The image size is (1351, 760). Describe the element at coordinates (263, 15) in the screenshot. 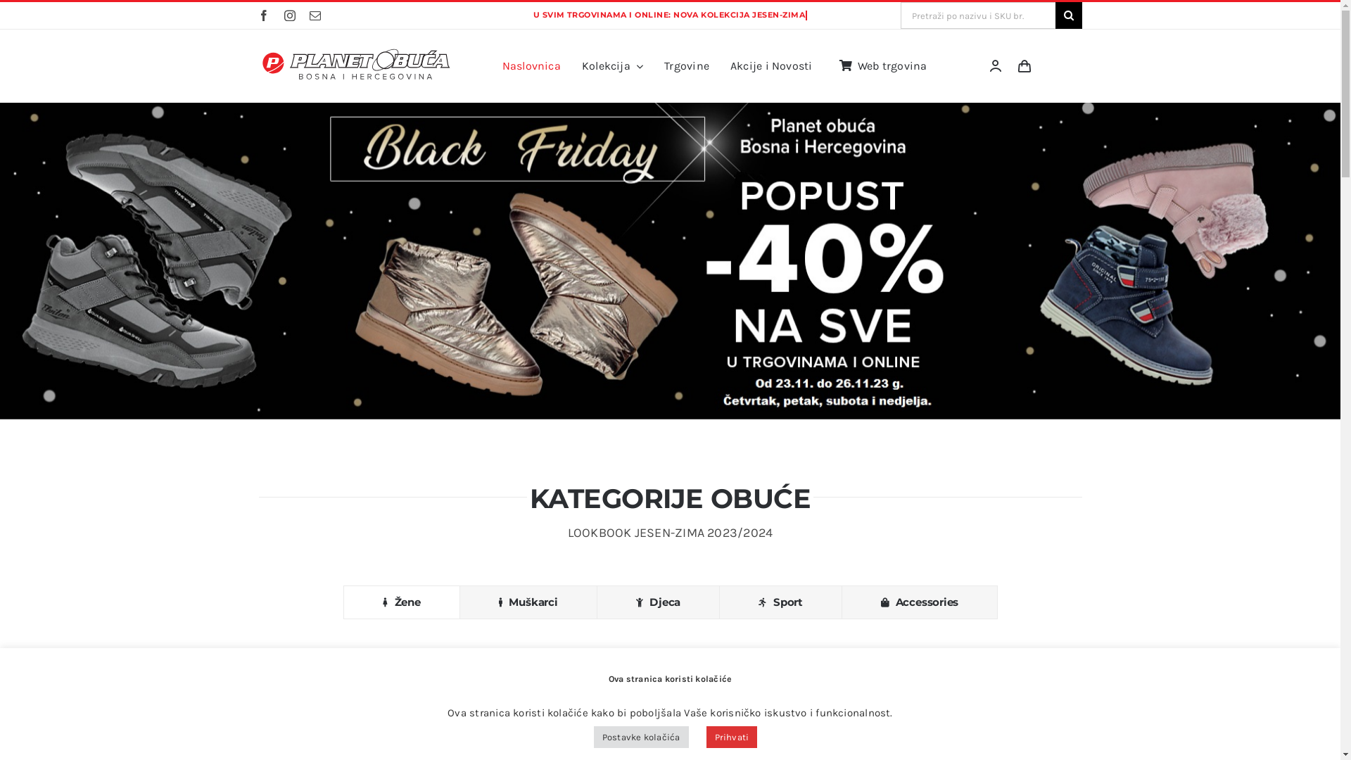

I see `'Facebook'` at that location.